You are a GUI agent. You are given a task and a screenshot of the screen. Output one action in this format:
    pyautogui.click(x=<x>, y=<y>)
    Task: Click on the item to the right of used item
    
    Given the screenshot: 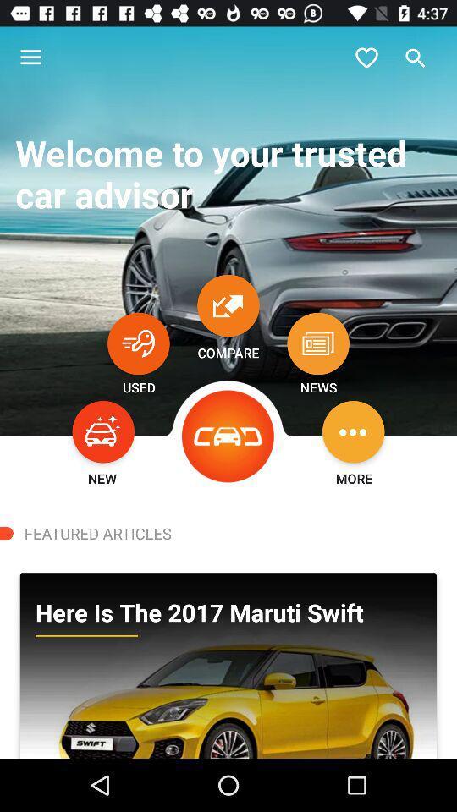 What is the action you would take?
    pyautogui.click(x=228, y=436)
    